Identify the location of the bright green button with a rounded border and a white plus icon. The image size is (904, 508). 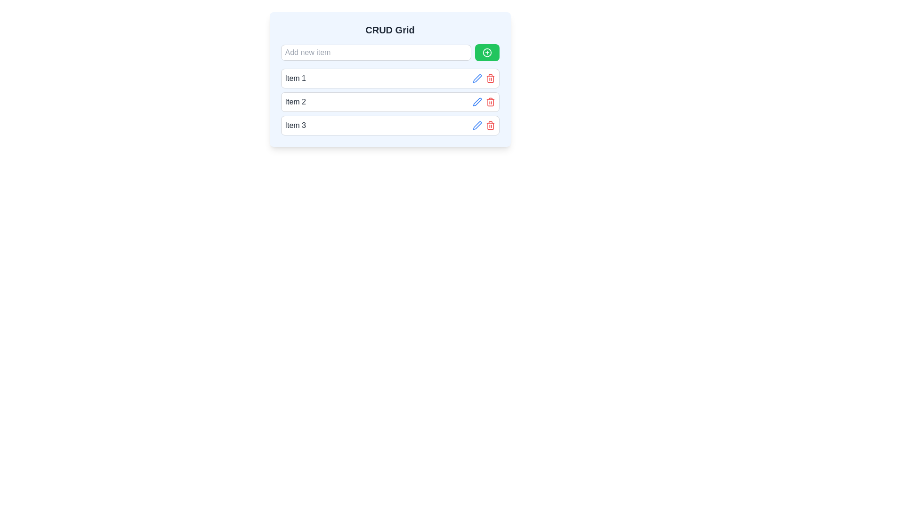
(487, 52).